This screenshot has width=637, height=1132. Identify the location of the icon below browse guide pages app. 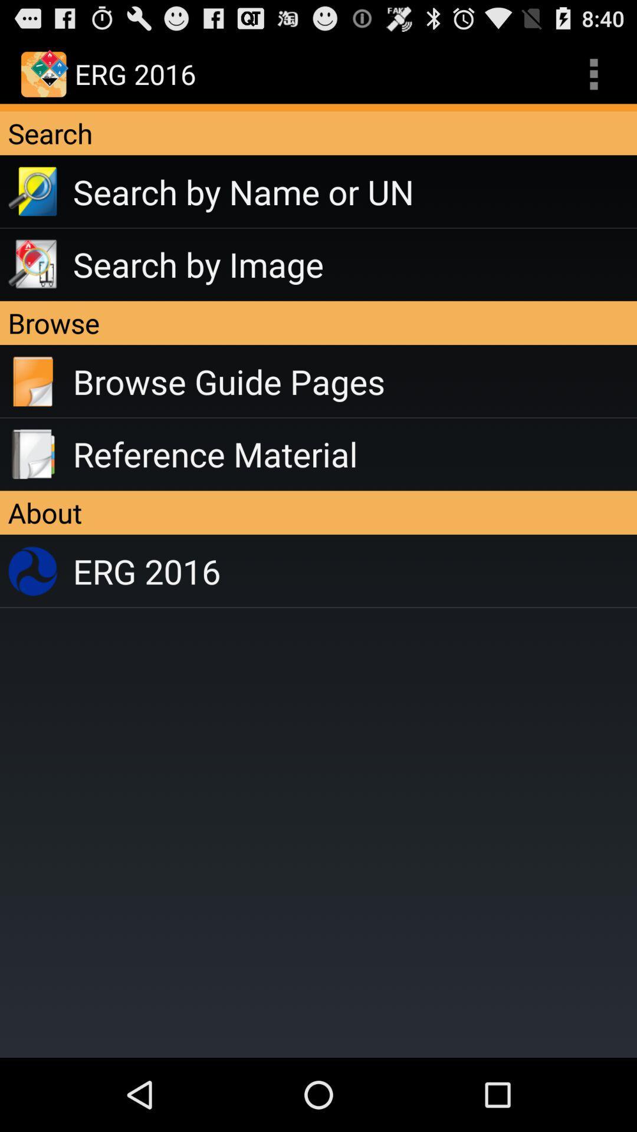
(354, 453).